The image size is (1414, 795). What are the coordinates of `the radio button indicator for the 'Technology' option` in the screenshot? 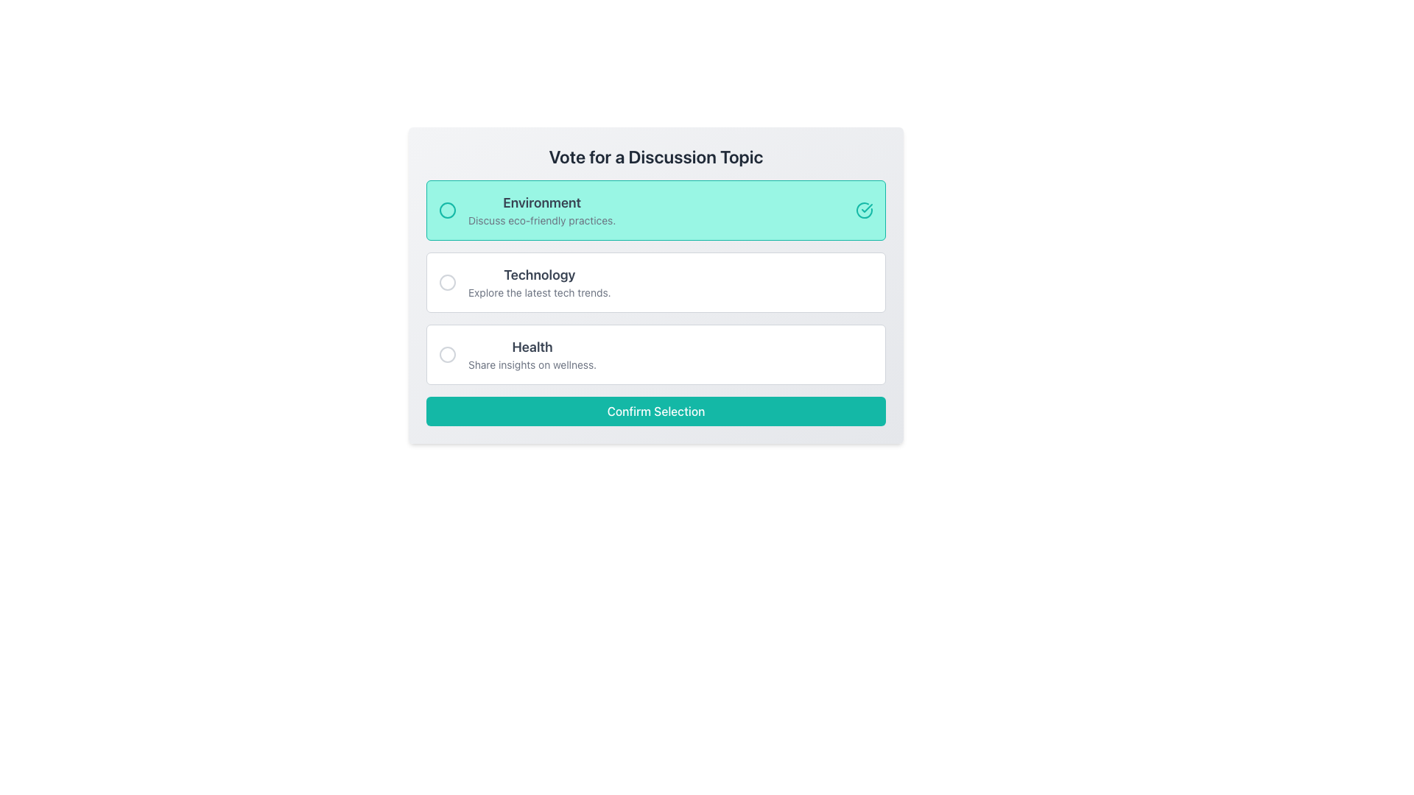 It's located at (447, 283).